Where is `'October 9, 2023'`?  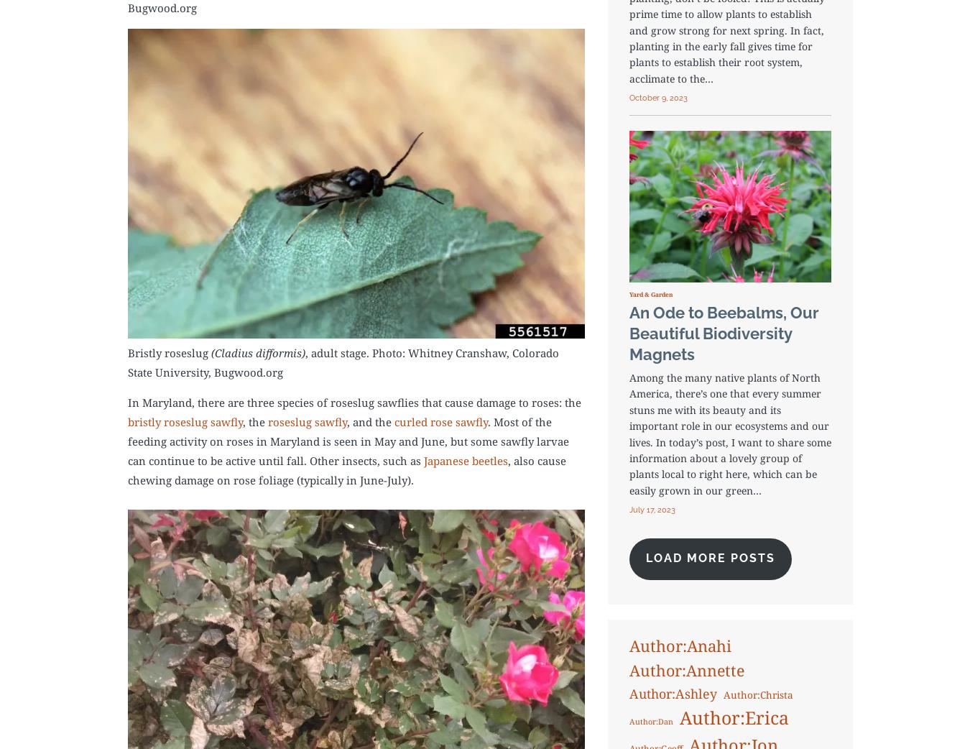
'October 9, 2023' is located at coordinates (657, 97).